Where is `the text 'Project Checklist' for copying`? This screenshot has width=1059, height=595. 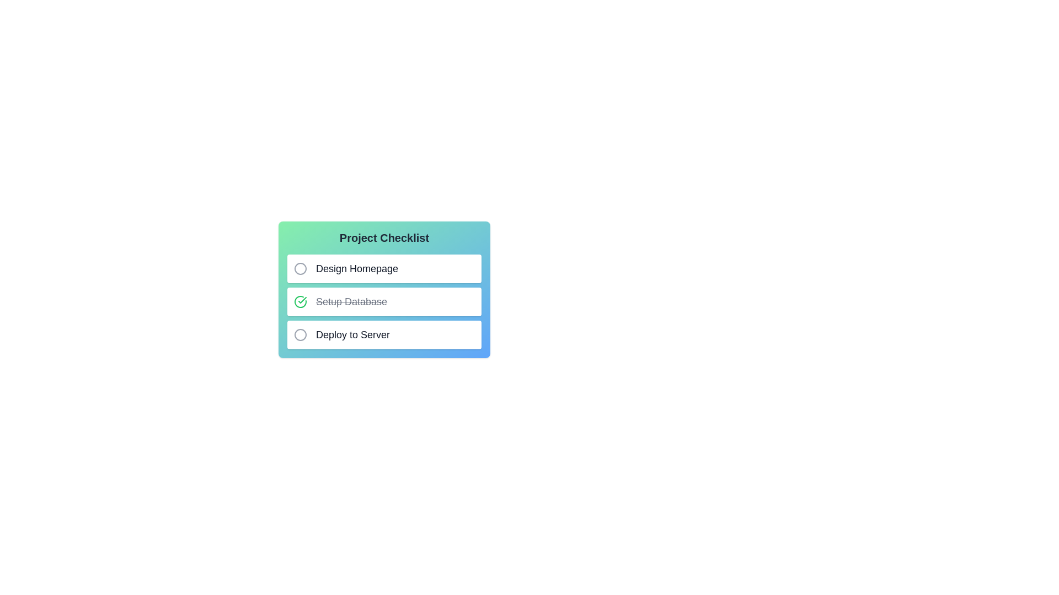
the text 'Project Checklist' for copying is located at coordinates (287, 229).